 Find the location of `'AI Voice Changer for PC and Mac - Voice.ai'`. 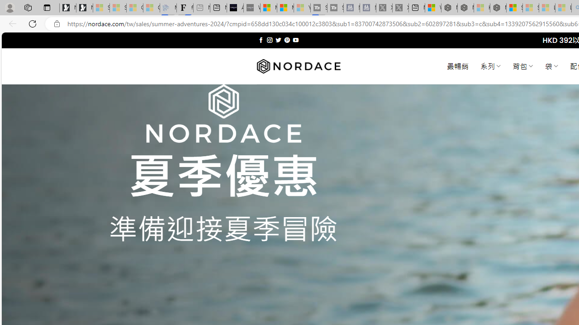

'AI Voice Changer for PC and Mac - Voice.ai' is located at coordinates (235, 8).